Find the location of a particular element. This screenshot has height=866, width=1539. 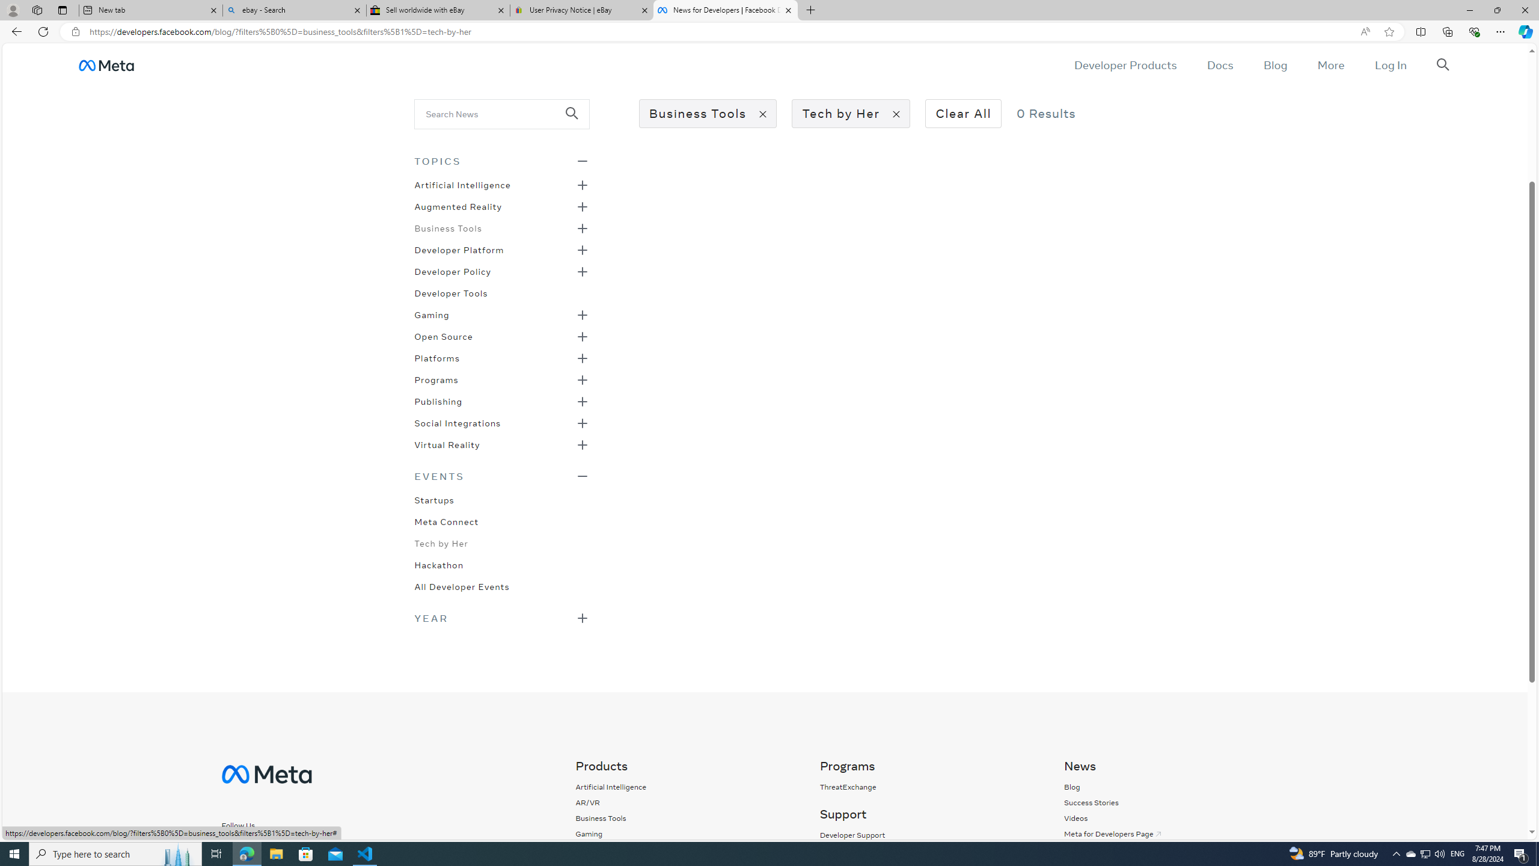

'Follow us on LinkedIn' is located at coordinates (307, 846).